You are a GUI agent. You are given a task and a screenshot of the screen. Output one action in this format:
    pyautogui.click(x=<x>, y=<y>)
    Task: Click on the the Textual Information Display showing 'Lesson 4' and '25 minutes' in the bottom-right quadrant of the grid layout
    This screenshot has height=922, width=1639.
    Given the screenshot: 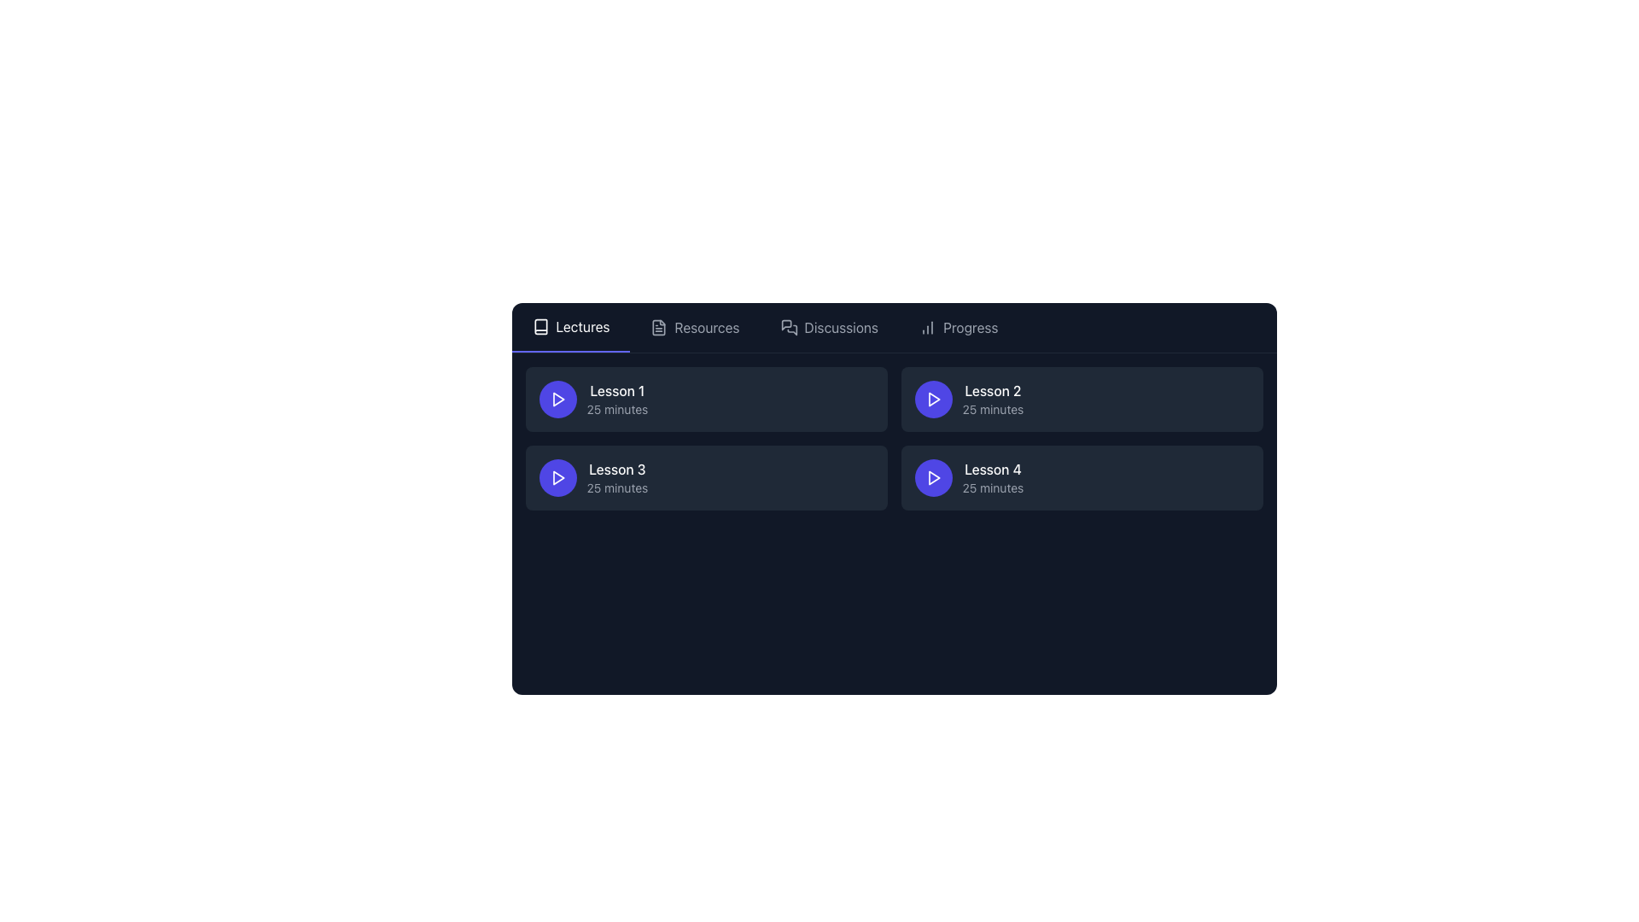 What is the action you would take?
    pyautogui.click(x=993, y=477)
    